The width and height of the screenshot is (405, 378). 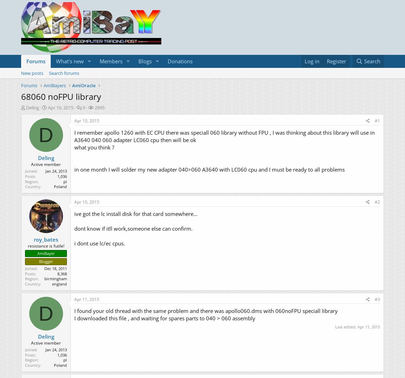 I want to click on 'ive got the lc install disk for that card somewhere...', so click(x=74, y=213).